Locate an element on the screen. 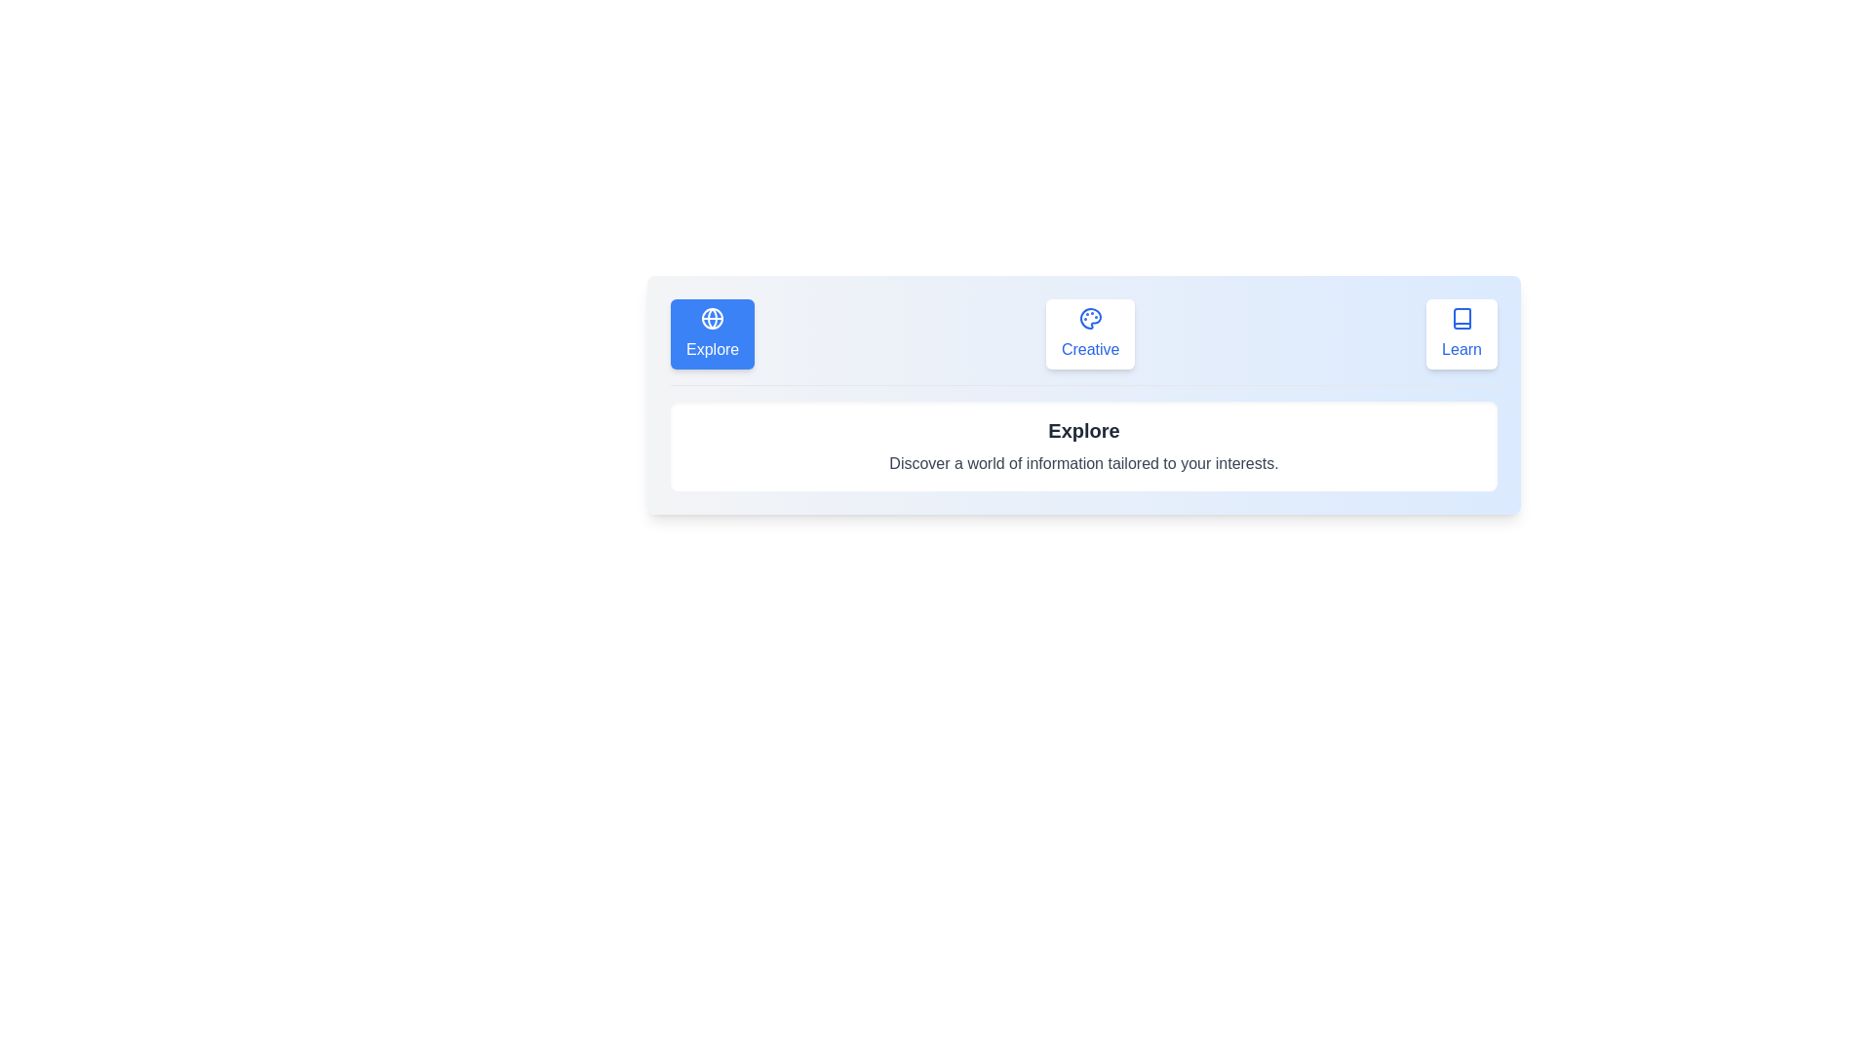  the tab labeled Explore is located at coordinates (711, 333).